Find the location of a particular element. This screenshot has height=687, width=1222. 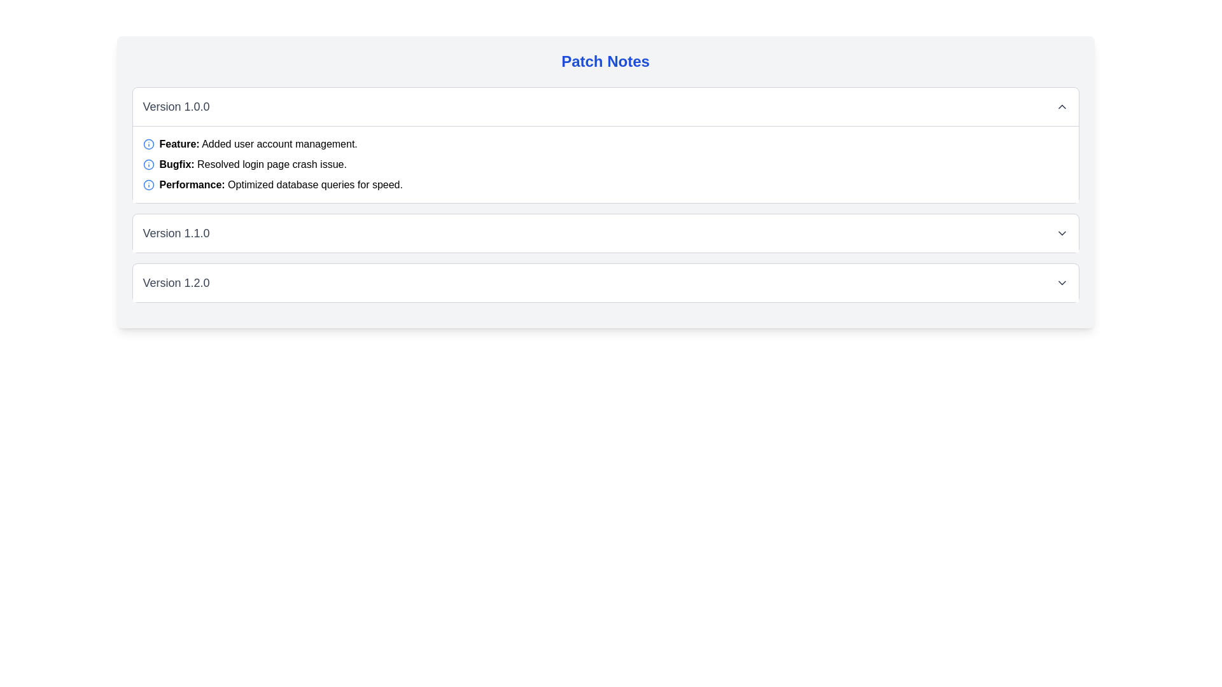

the upward-pointing chevron icon in the top-right corner of the 'Version 1.0.0' section is located at coordinates (1062, 106).